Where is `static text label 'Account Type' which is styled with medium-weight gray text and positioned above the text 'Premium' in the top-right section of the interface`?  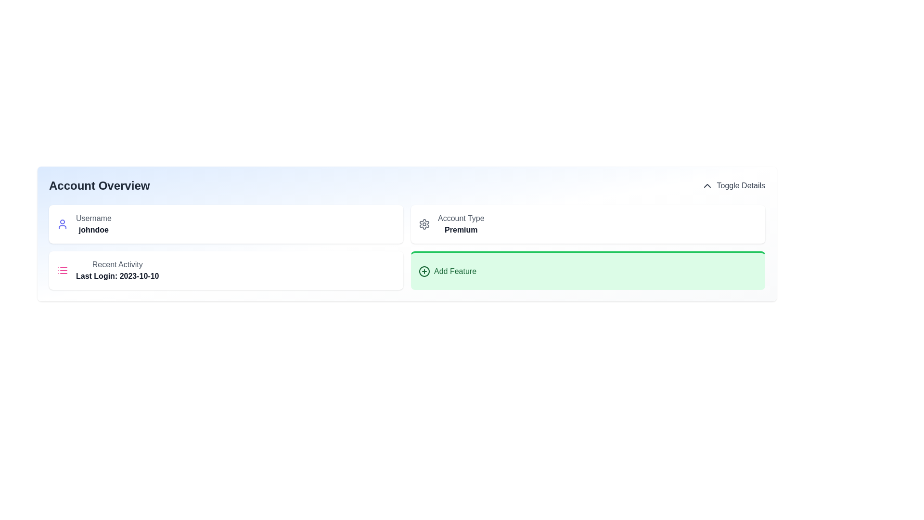 static text label 'Account Type' which is styled with medium-weight gray text and positioned above the text 'Premium' in the top-right section of the interface is located at coordinates (461, 219).